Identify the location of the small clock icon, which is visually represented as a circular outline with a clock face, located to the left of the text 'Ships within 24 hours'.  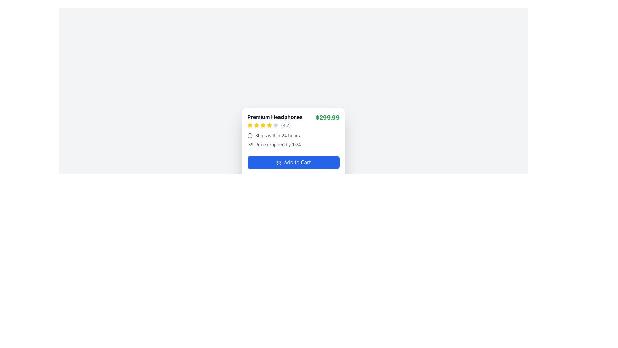
(250, 135).